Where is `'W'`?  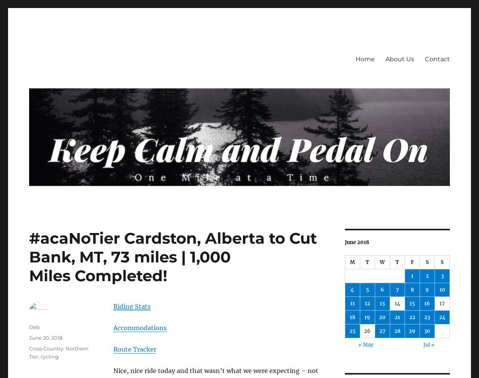
'W' is located at coordinates (382, 262).